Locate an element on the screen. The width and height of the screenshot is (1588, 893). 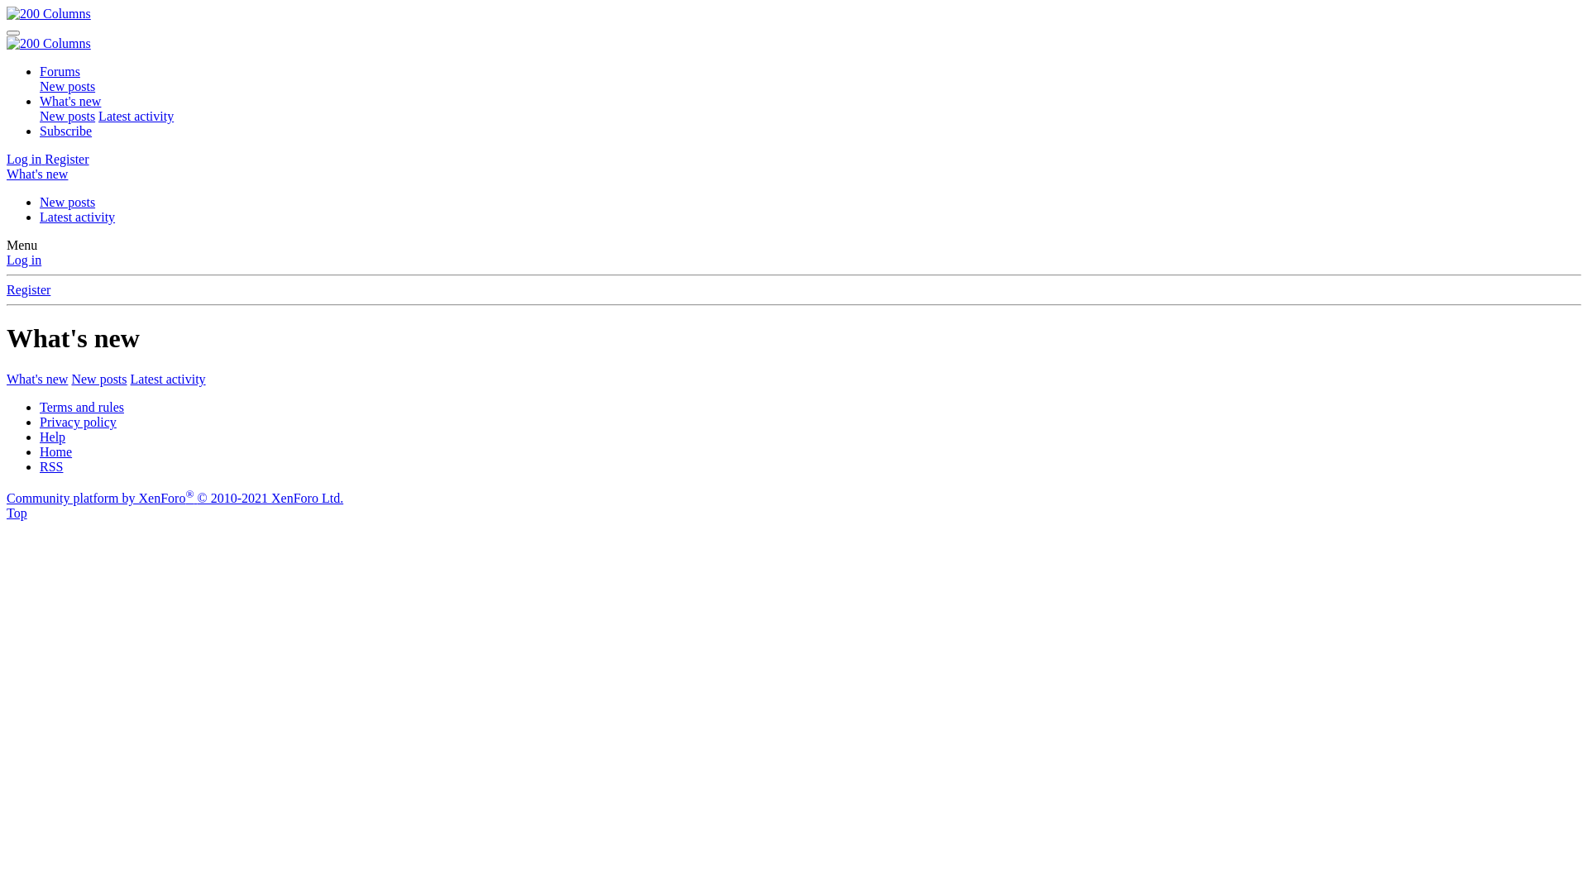
'Privacy policy' is located at coordinates (77, 421).